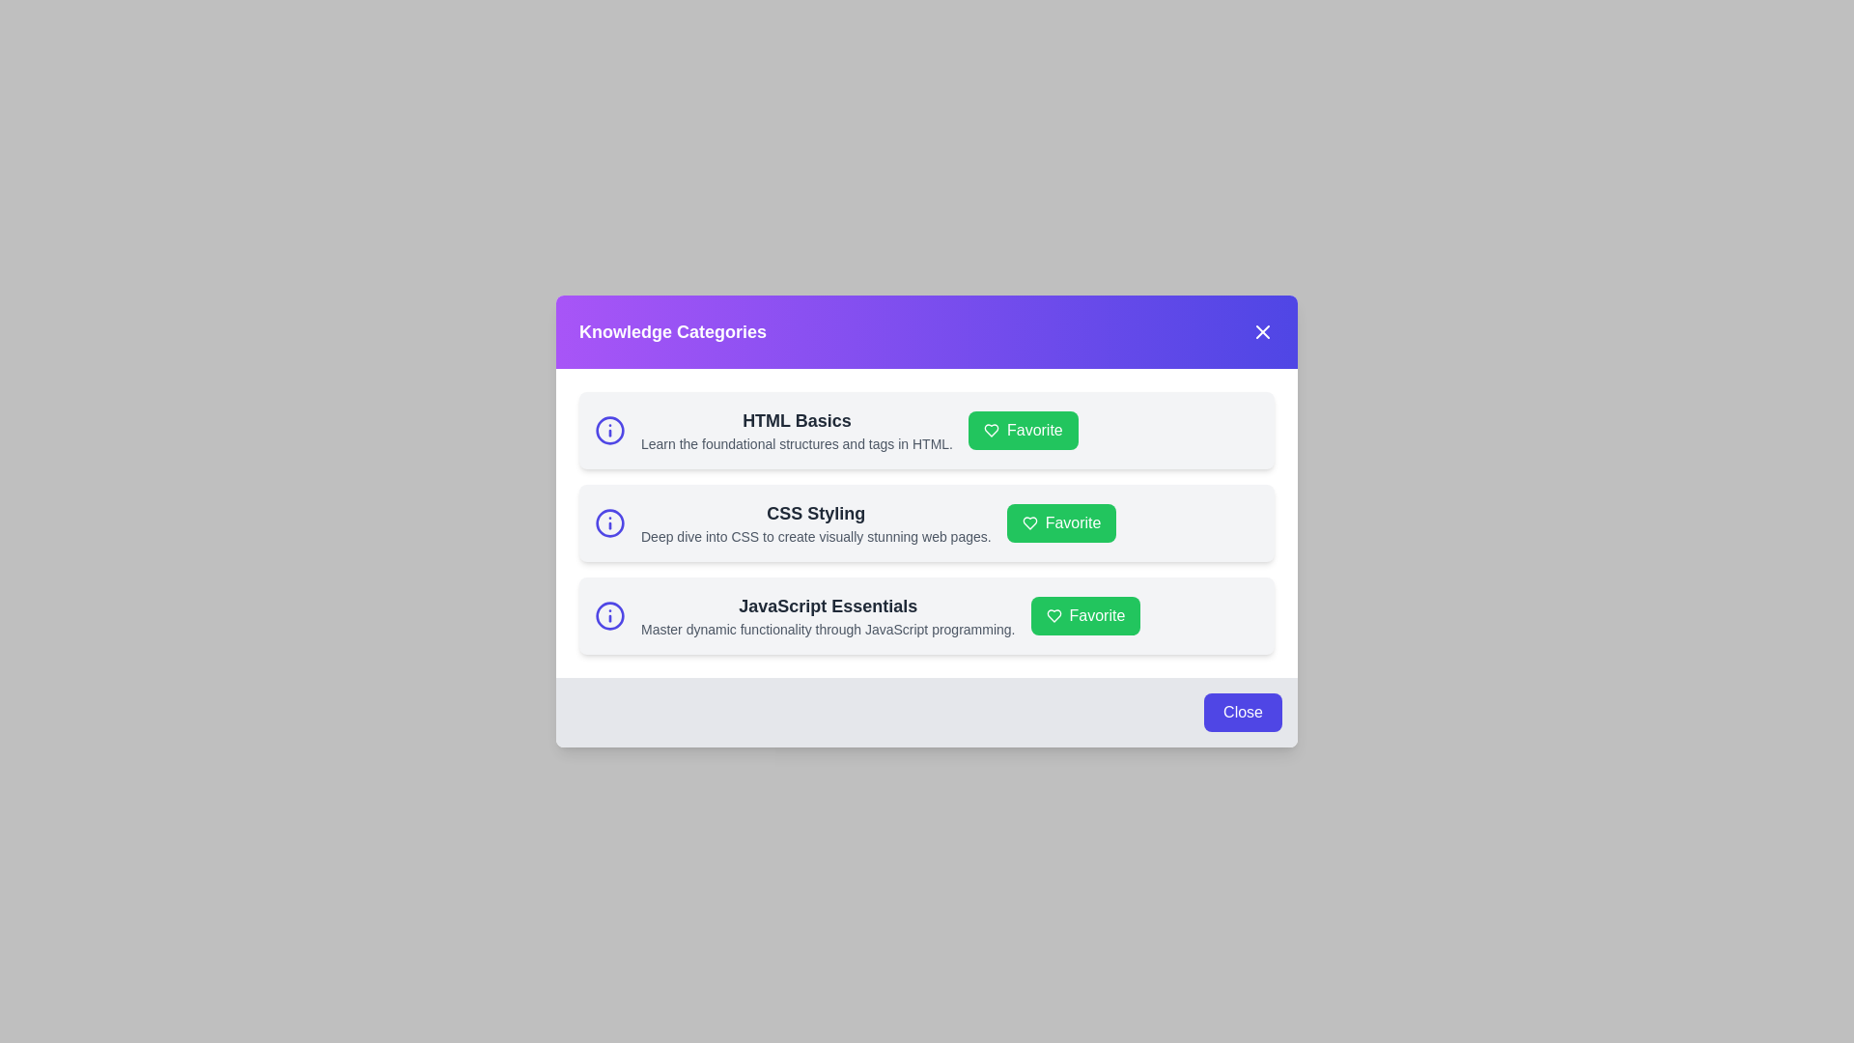 This screenshot has width=1854, height=1043. Describe the element at coordinates (992, 430) in the screenshot. I see `the 'Favorite' icon located to the right of the category's name and description` at that location.